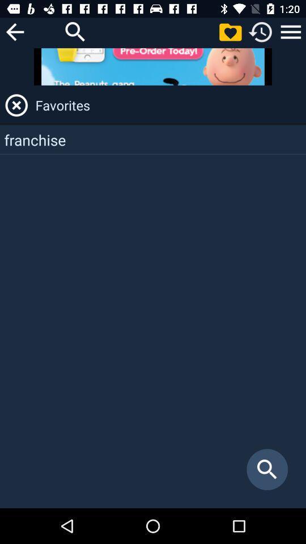  What do you see at coordinates (14, 31) in the screenshot?
I see `go back` at bounding box center [14, 31].